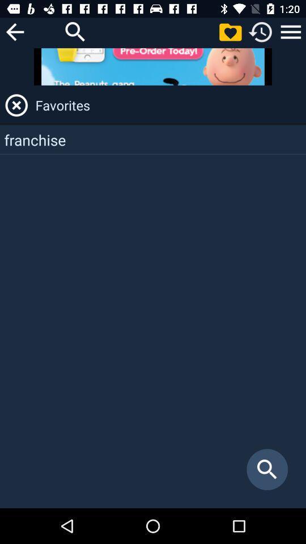  What do you see at coordinates (14, 31) in the screenshot?
I see `go back` at bounding box center [14, 31].